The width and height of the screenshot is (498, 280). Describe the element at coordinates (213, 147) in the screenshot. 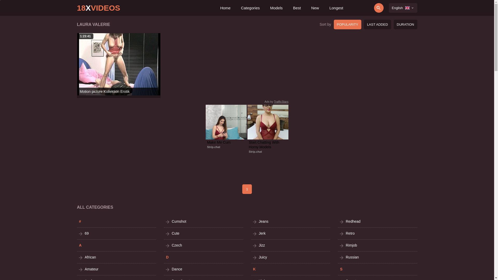

I see `'Strip.chat'` at that location.